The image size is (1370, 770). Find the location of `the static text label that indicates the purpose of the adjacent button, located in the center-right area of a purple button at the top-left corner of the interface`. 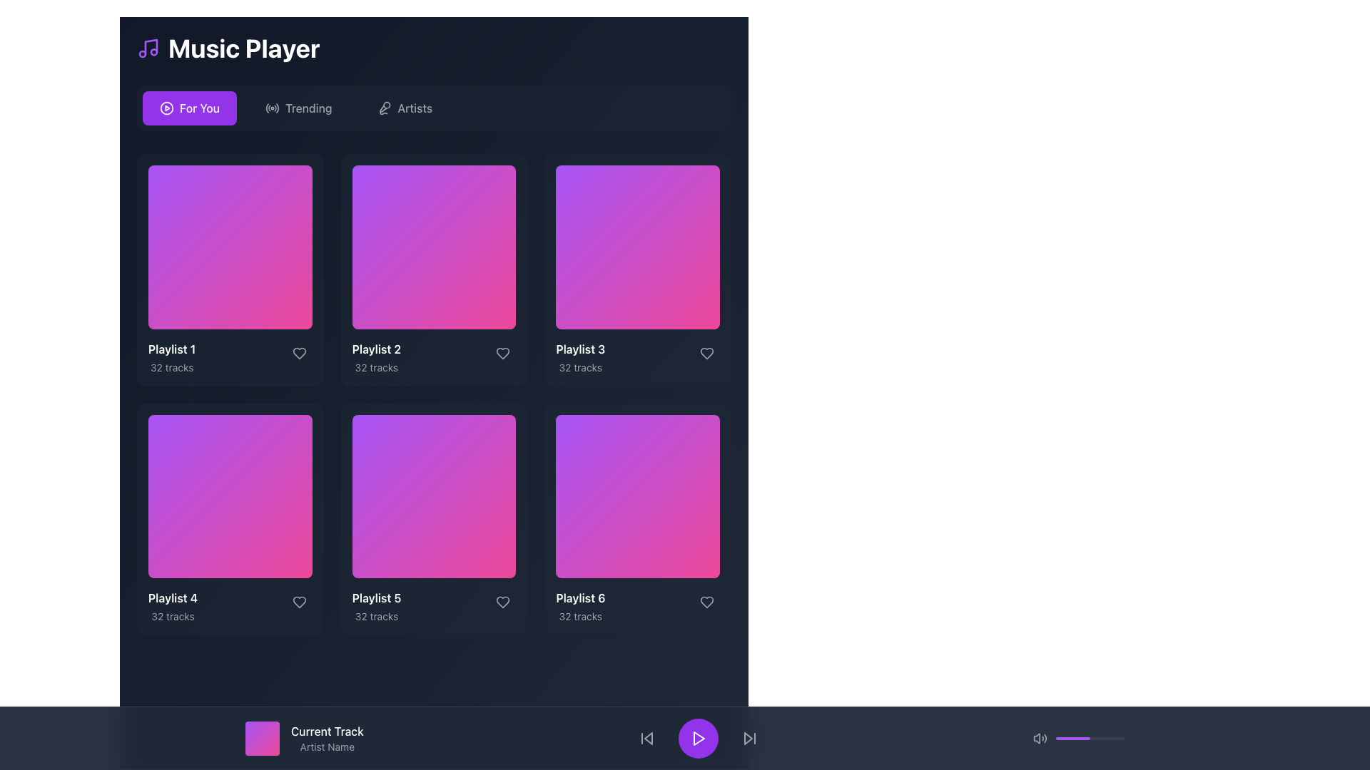

the static text label that indicates the purpose of the adjacent button, located in the center-right area of a purple button at the top-left corner of the interface is located at coordinates (198, 107).